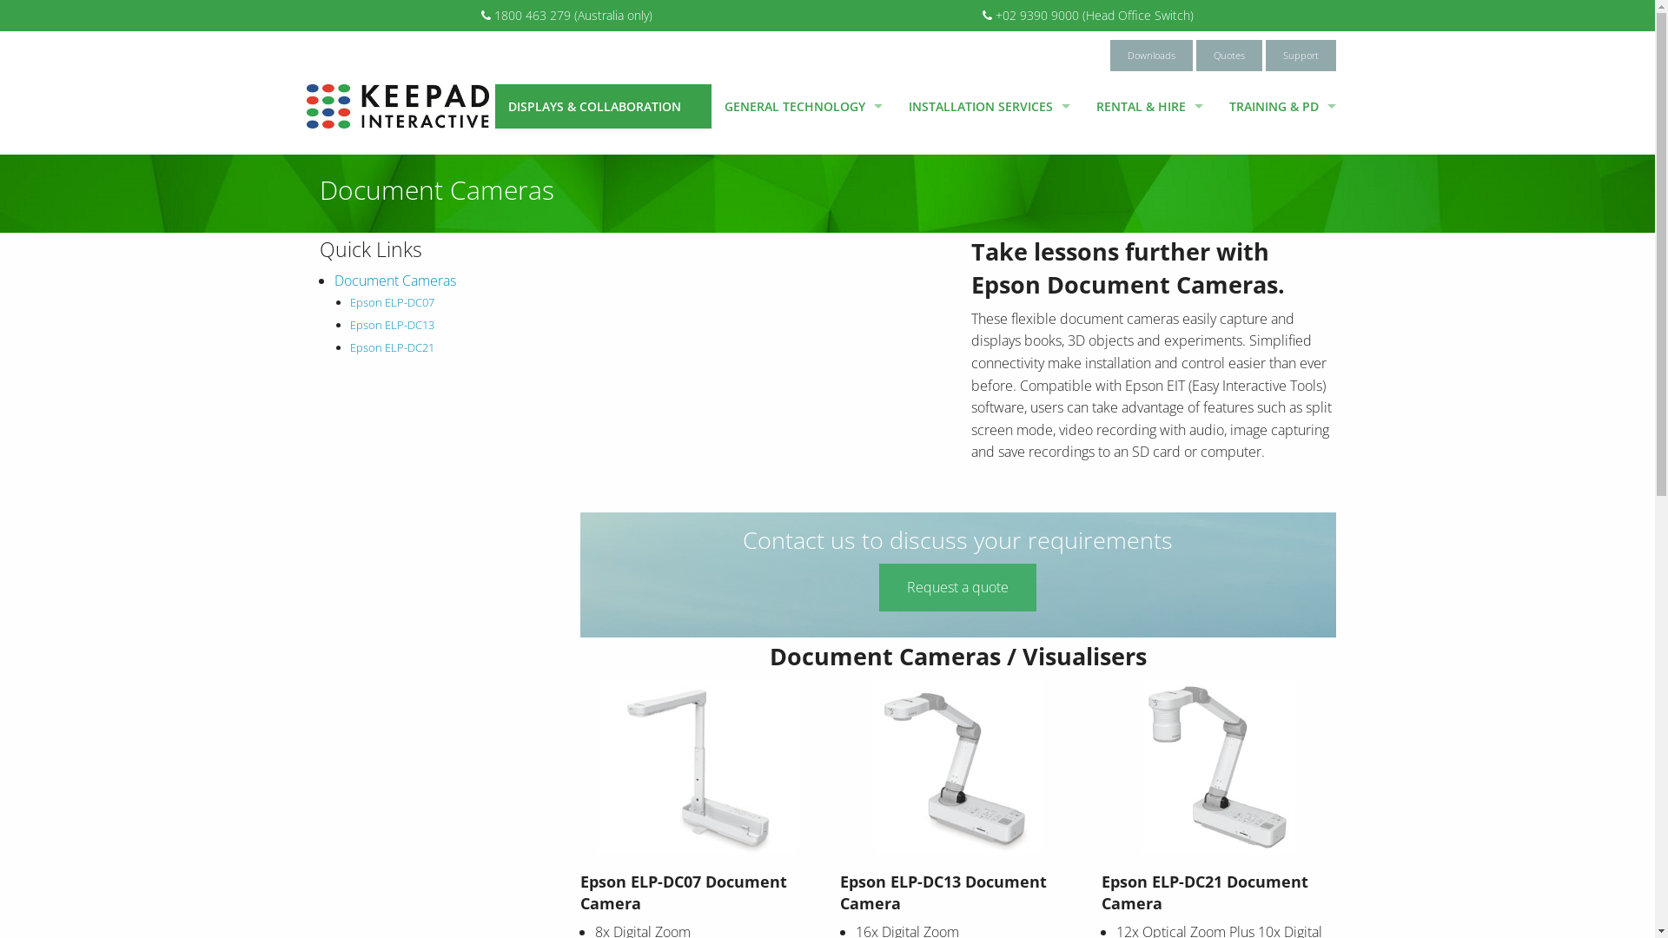 This screenshot has width=1668, height=938. Describe the element at coordinates (1228, 55) in the screenshot. I see `'Quotes'` at that location.